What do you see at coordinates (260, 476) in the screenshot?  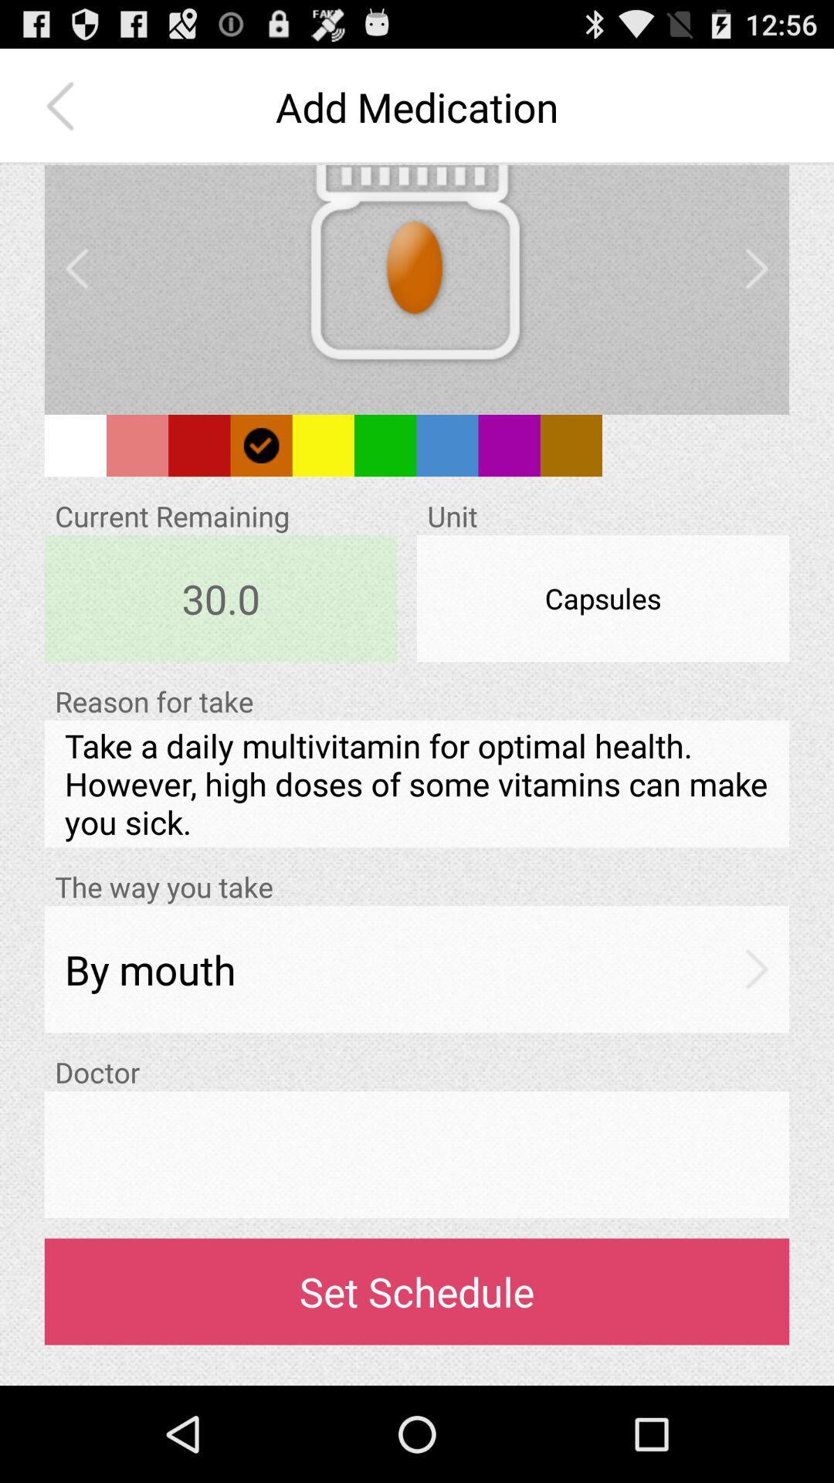 I see `the check icon` at bounding box center [260, 476].